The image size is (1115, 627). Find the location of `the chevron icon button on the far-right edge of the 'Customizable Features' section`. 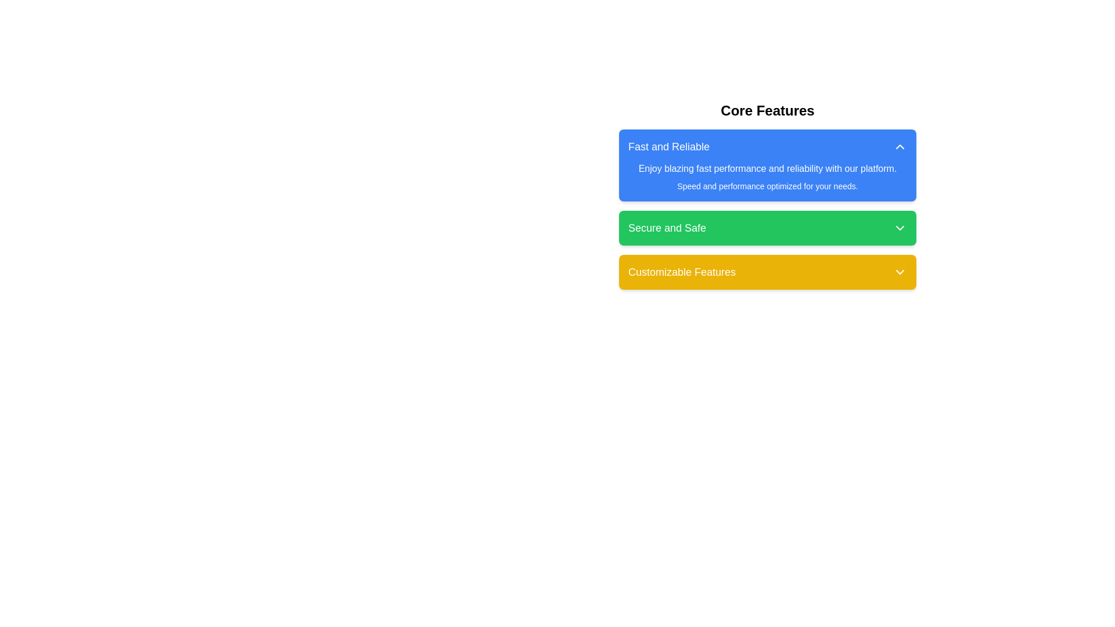

the chevron icon button on the far-right edge of the 'Customizable Features' section is located at coordinates (900, 272).